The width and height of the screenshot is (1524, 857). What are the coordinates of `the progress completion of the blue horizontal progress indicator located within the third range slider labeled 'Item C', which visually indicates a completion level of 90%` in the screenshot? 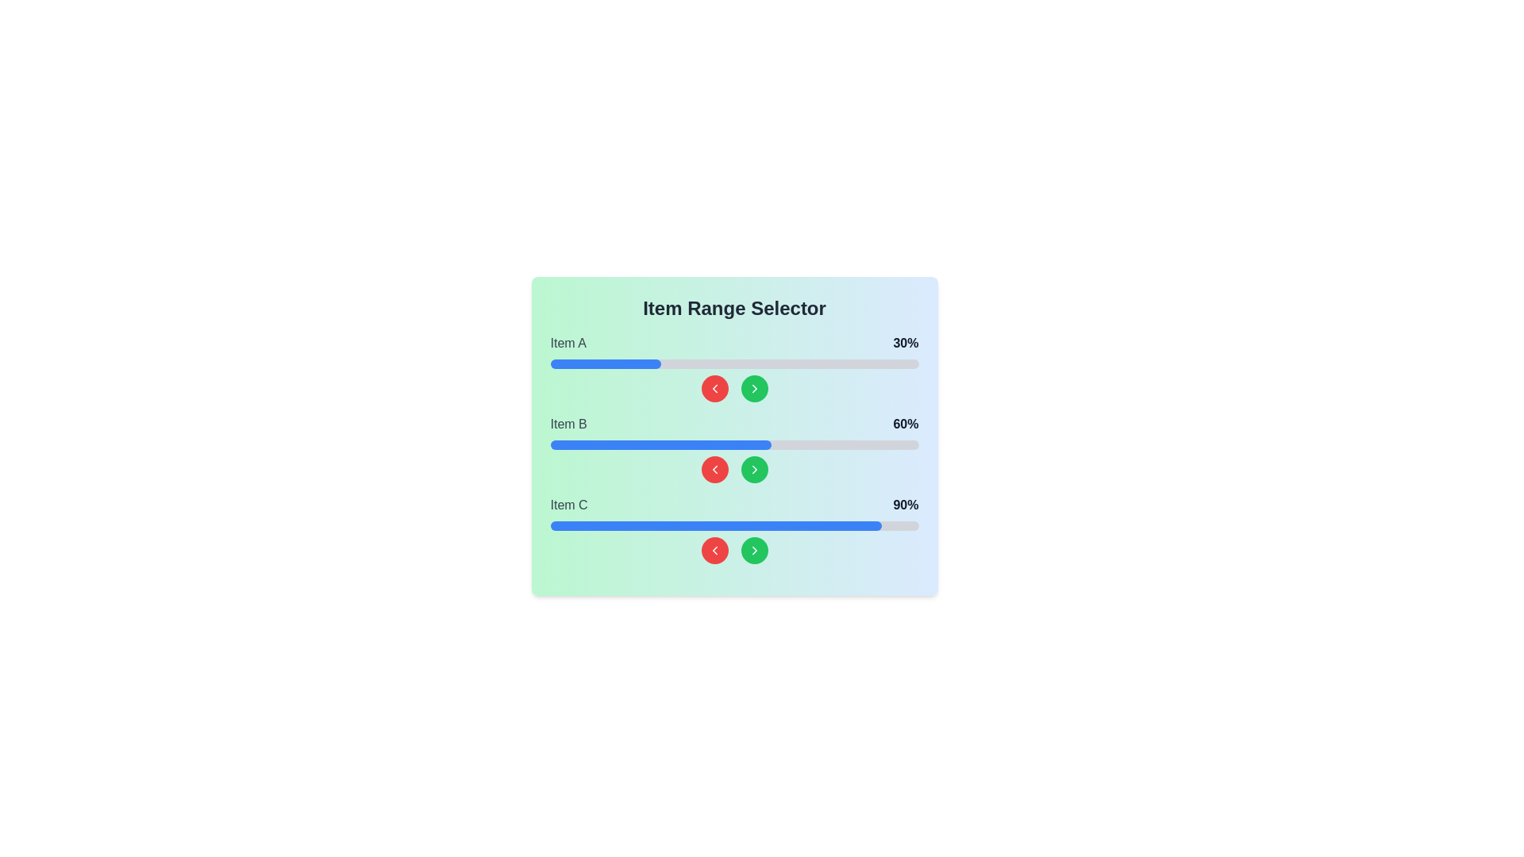 It's located at (715, 526).